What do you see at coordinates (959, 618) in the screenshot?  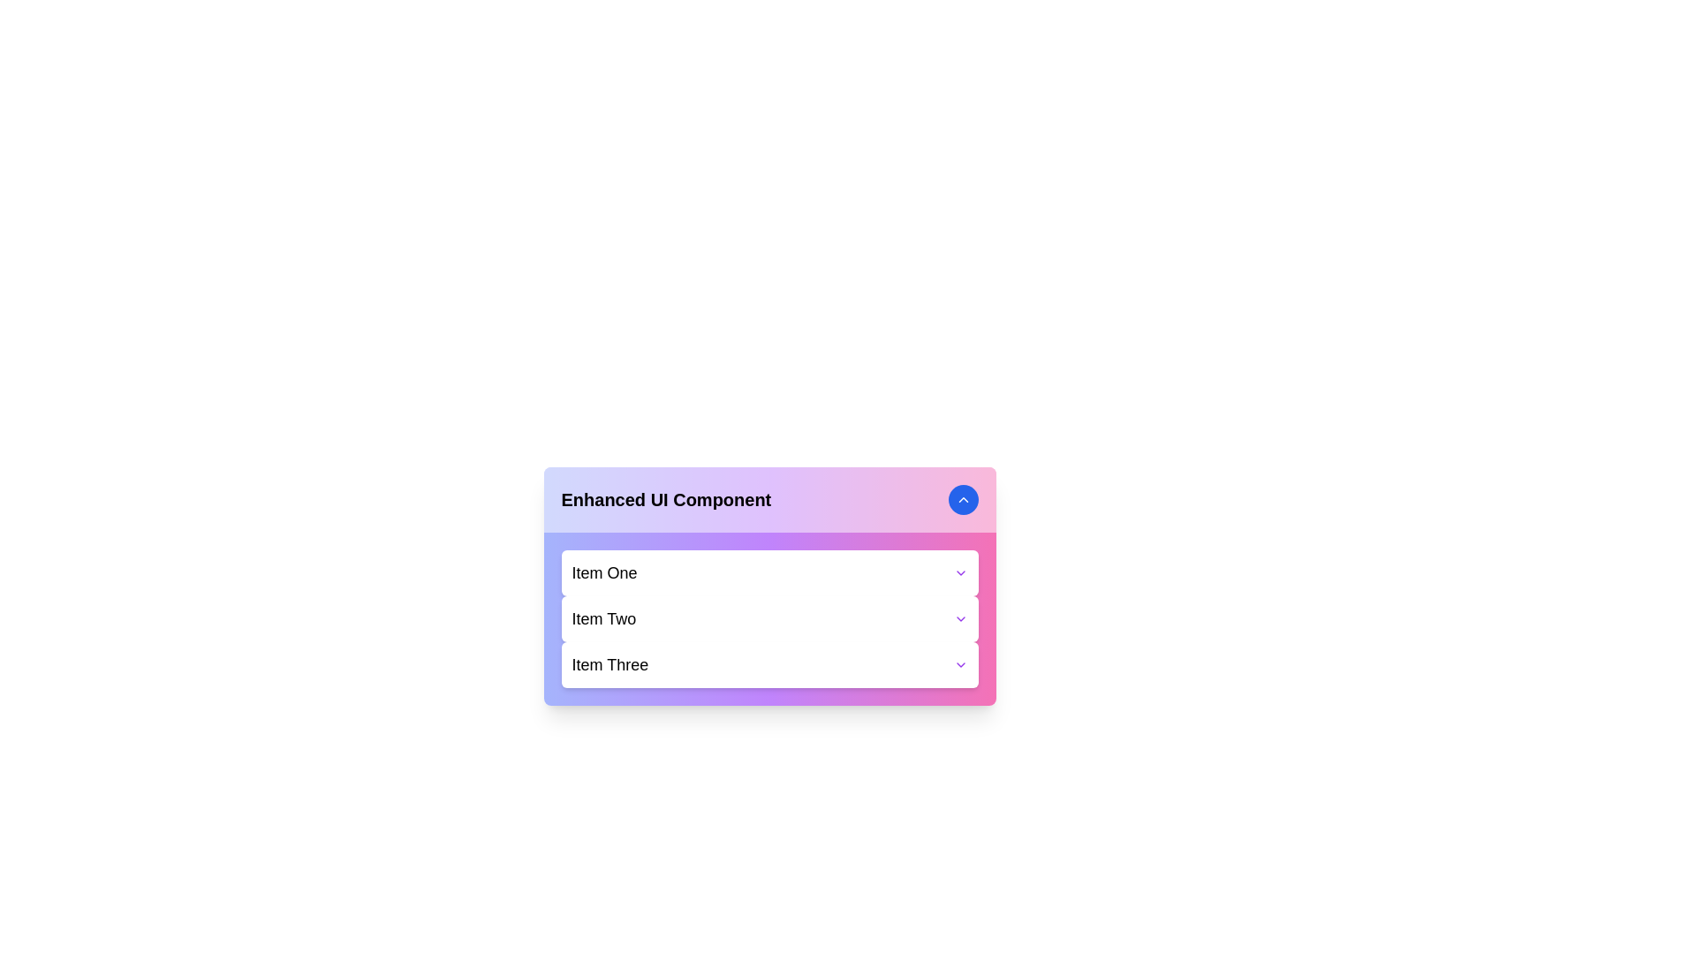 I see `the chevron-down icon located at the rightmost part of the 'Item Two' row` at bounding box center [959, 618].